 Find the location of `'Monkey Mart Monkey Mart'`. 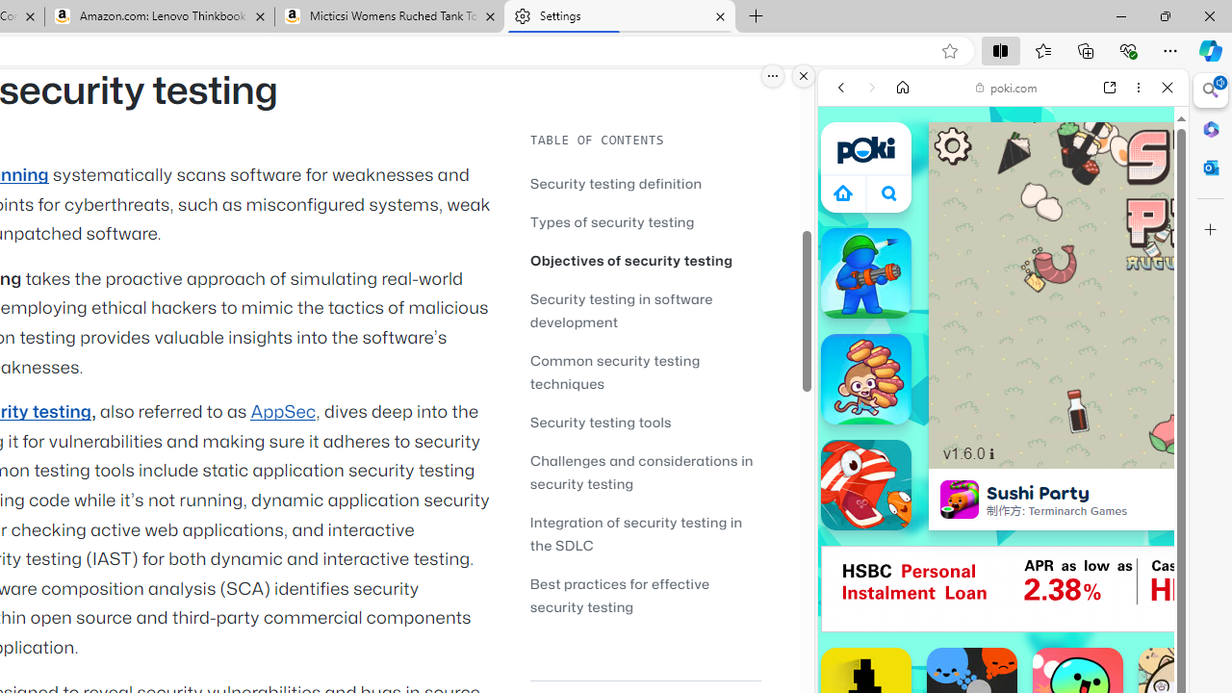

'Monkey Mart Monkey Mart' is located at coordinates (864, 378).